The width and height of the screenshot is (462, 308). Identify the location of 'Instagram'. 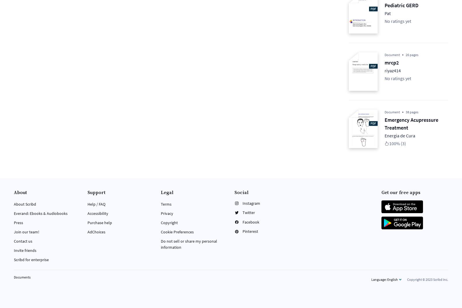
(251, 203).